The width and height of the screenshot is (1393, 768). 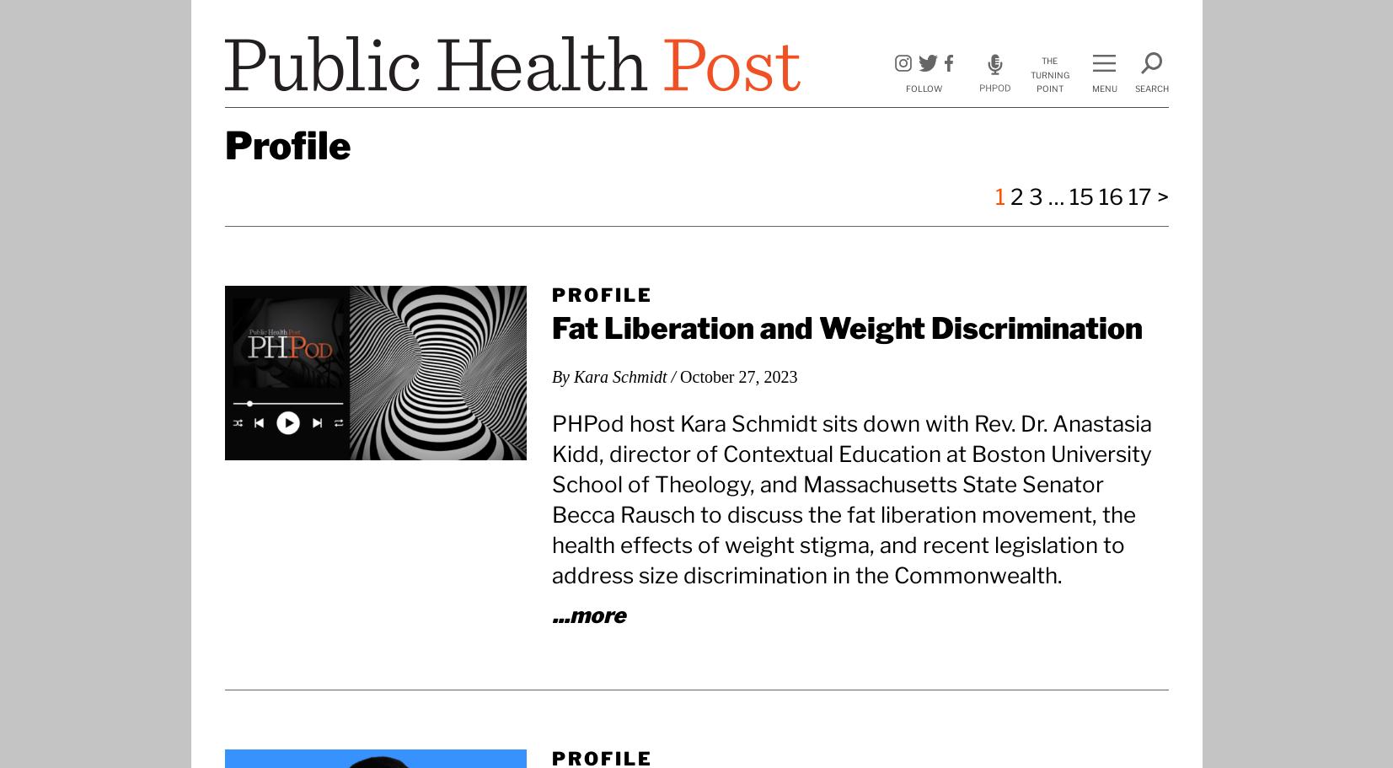 I want to click on '16', so click(x=1110, y=196).